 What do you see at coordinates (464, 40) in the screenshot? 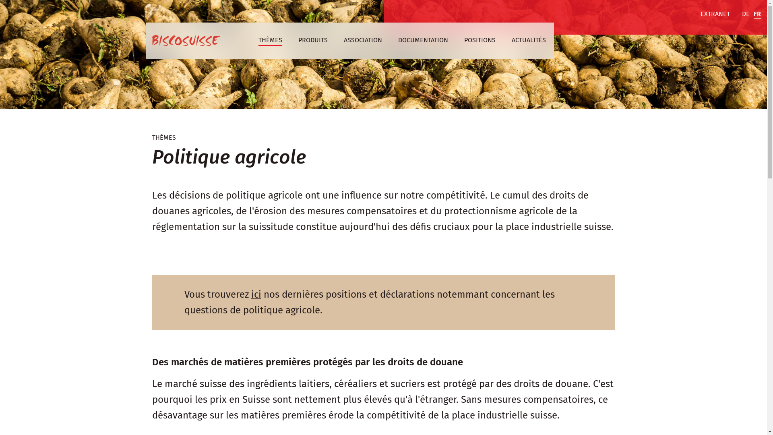
I see `'POSITIONS'` at bounding box center [464, 40].